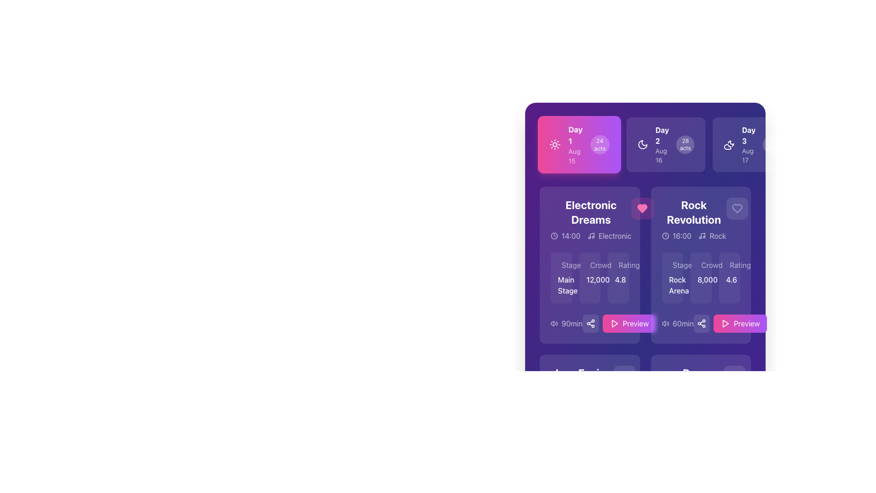 Image resolution: width=876 pixels, height=493 pixels. What do you see at coordinates (553, 235) in the screenshot?
I see `the decorative circle within the clock icon located to the left of the '14:00' timestamp and above the 'Electronic' music genre label in the 'Electronic Dreams' section` at bounding box center [553, 235].